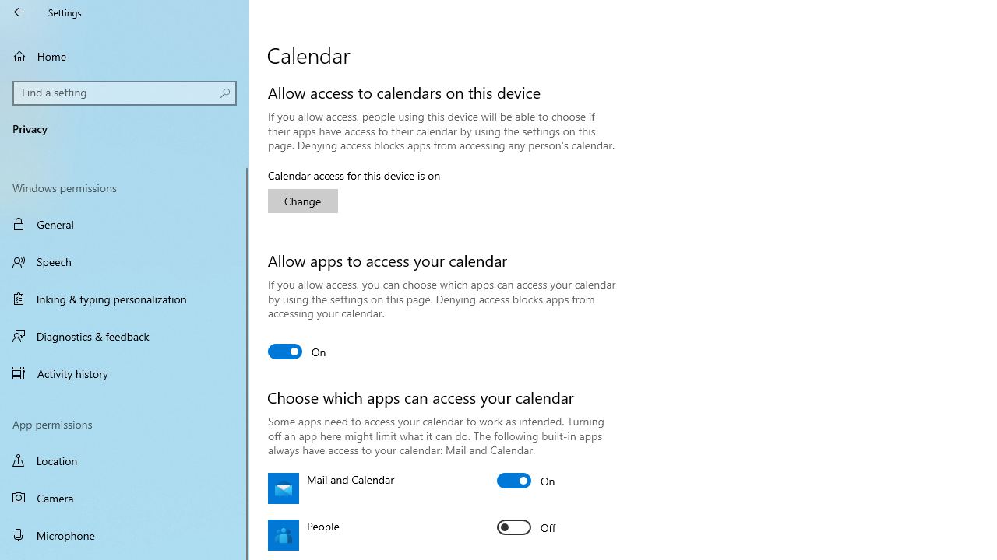 Image resolution: width=997 pixels, height=560 pixels. What do you see at coordinates (125, 373) in the screenshot?
I see `'Activity history'` at bounding box center [125, 373].